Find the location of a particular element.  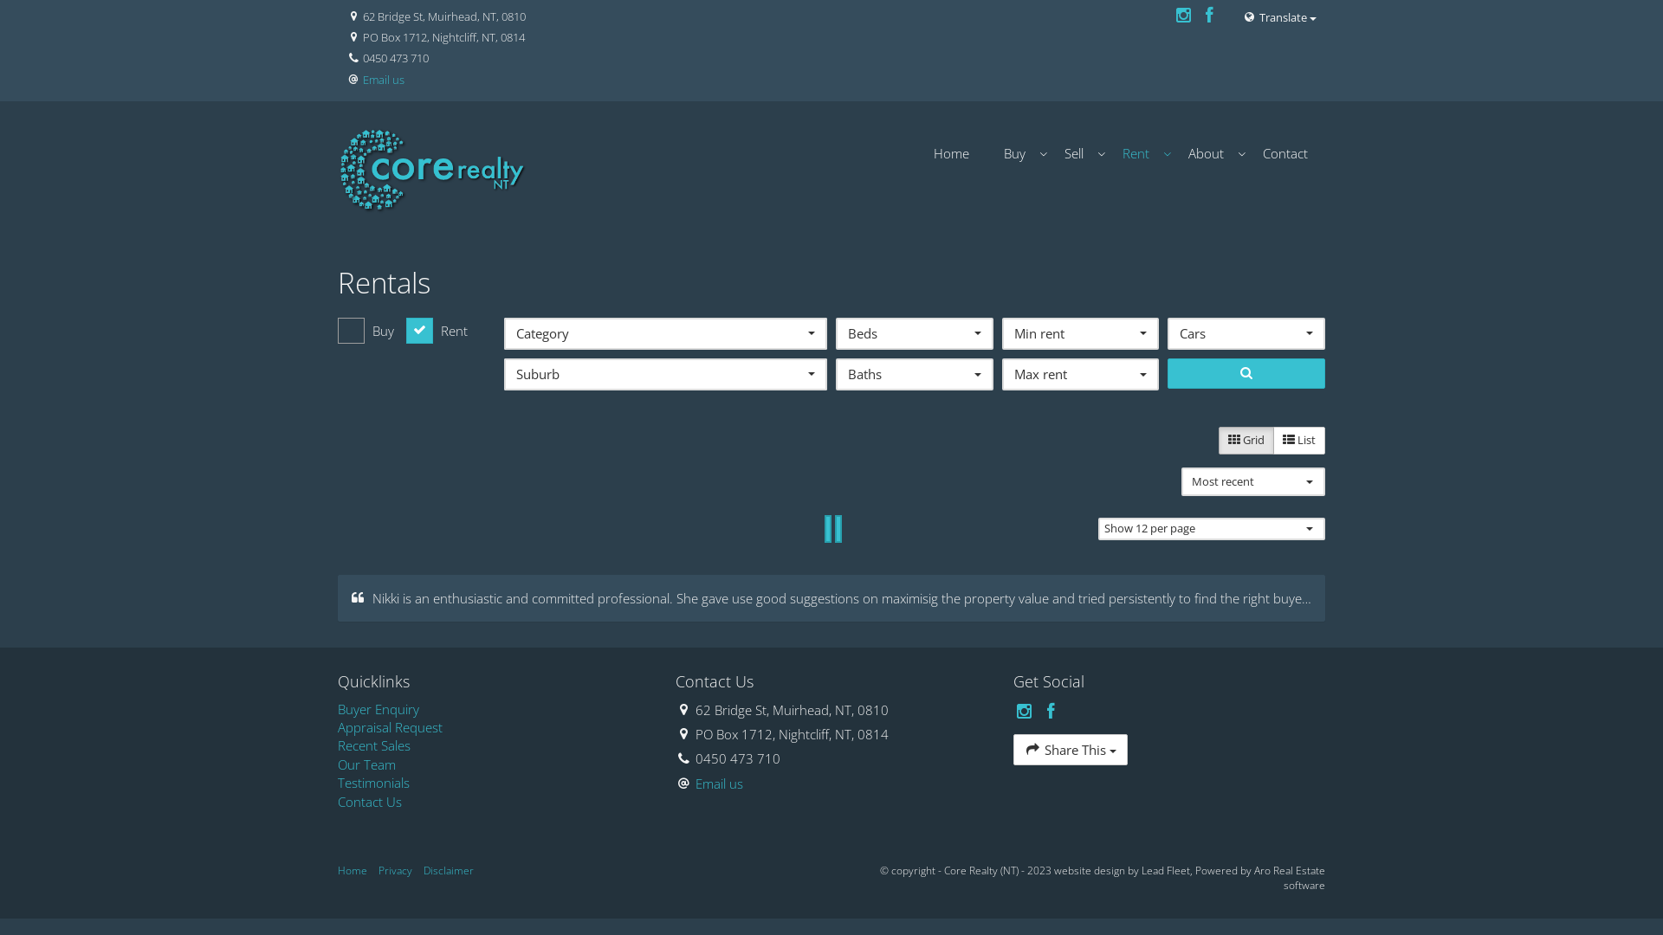

'Email us' is located at coordinates (382, 80).